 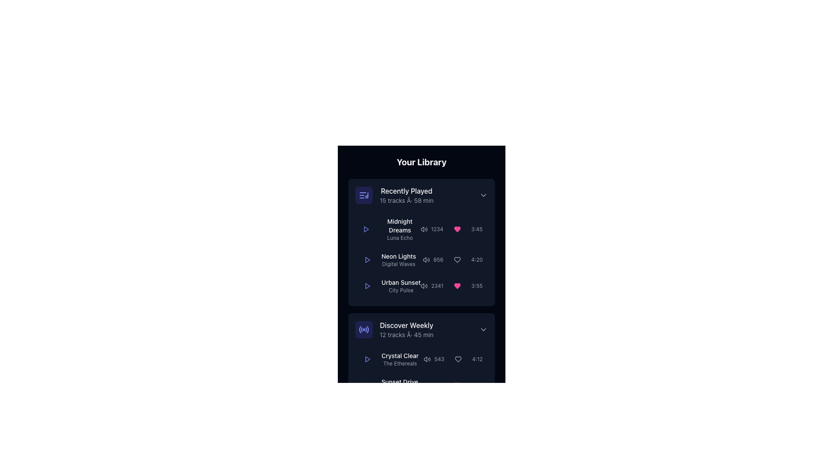 What do you see at coordinates (437, 286) in the screenshot?
I see `the text label displaying the number '2341', which is styled in a small gray font and located next to the heart icon in the lower-right portion of the list item for the song 'Urban Sunset'` at bounding box center [437, 286].